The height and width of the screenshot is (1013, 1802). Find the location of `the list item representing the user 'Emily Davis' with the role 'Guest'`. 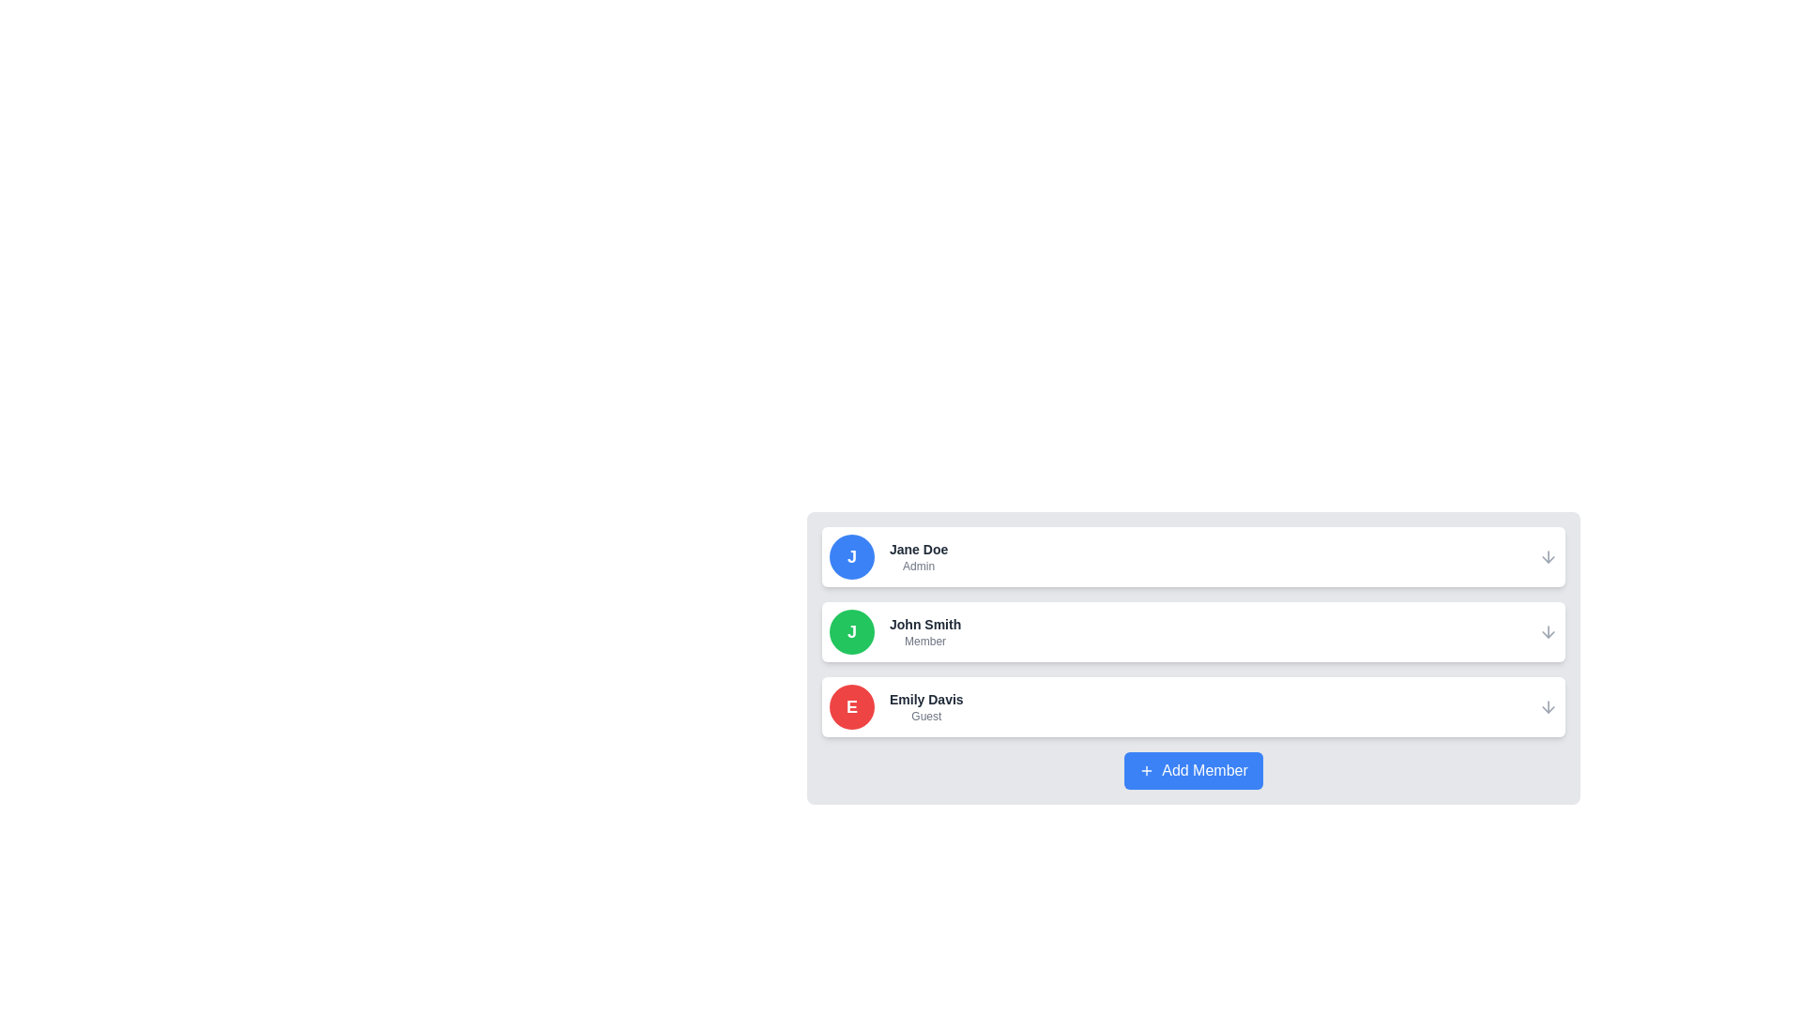

the list item representing the user 'Emily Davis' with the role 'Guest' is located at coordinates (1193, 706).